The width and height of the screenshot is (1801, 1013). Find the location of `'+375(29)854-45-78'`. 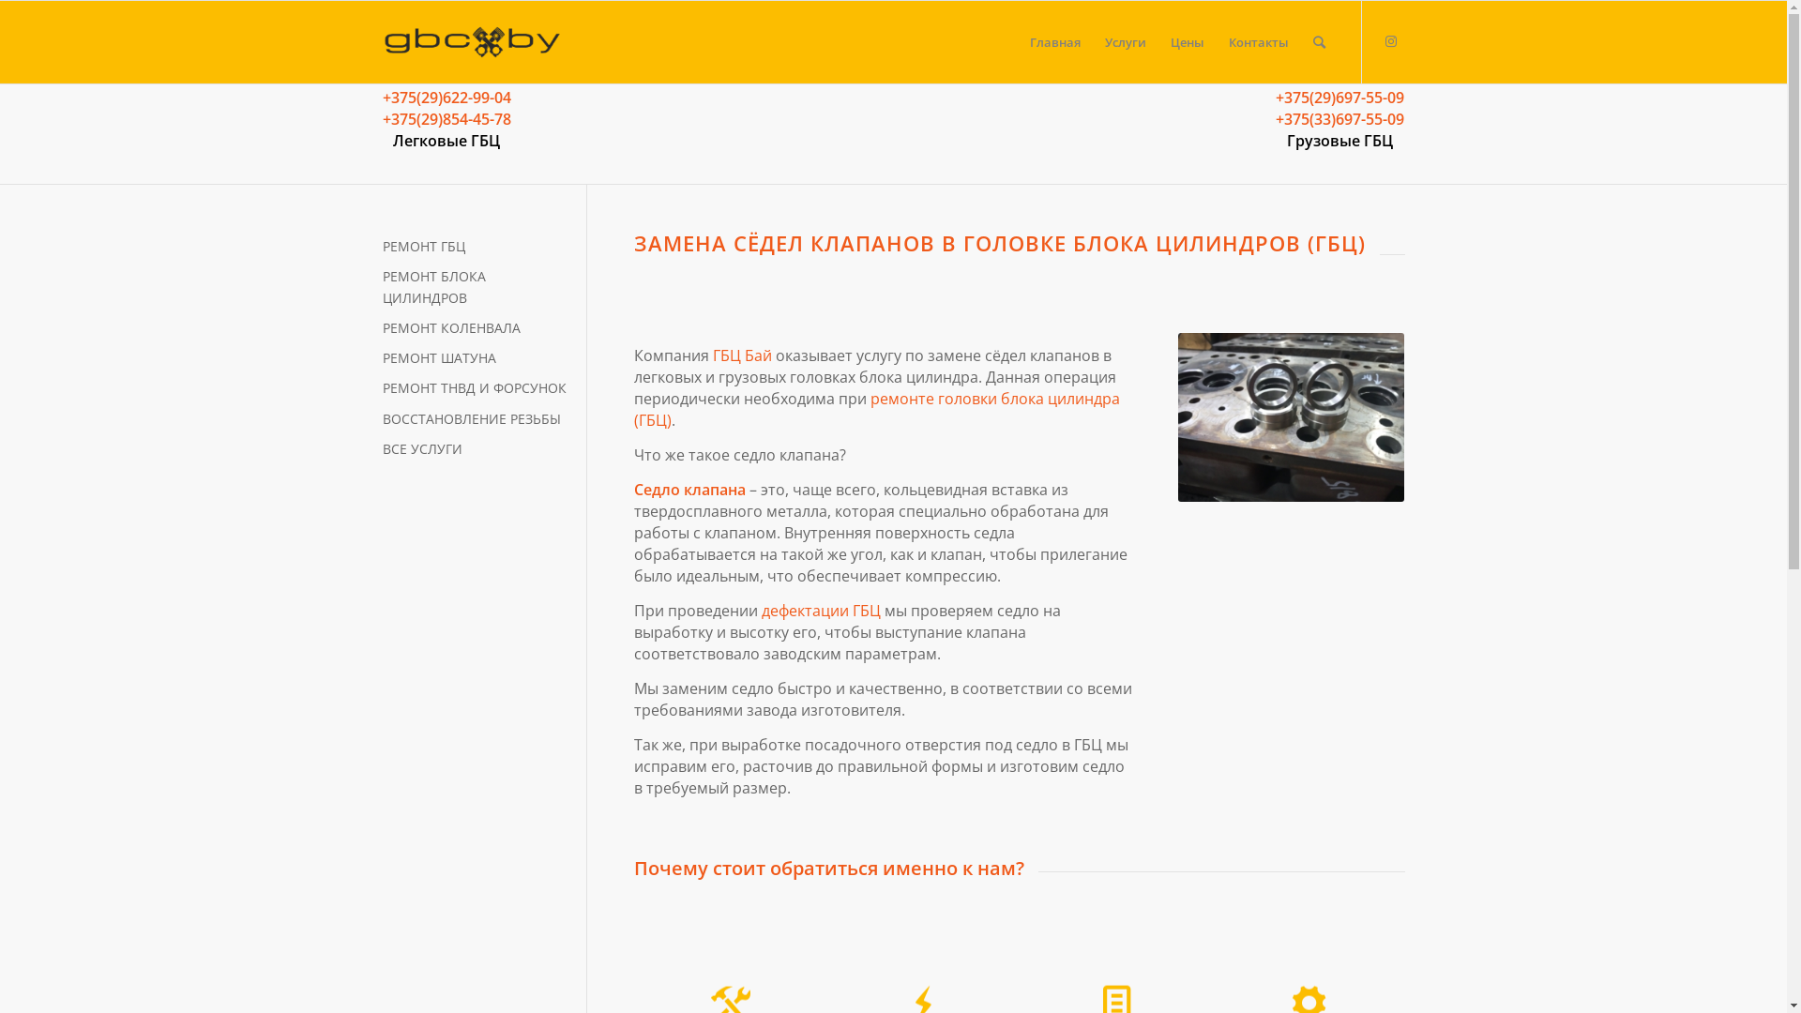

'+375(29)854-45-78' is located at coordinates (382, 119).